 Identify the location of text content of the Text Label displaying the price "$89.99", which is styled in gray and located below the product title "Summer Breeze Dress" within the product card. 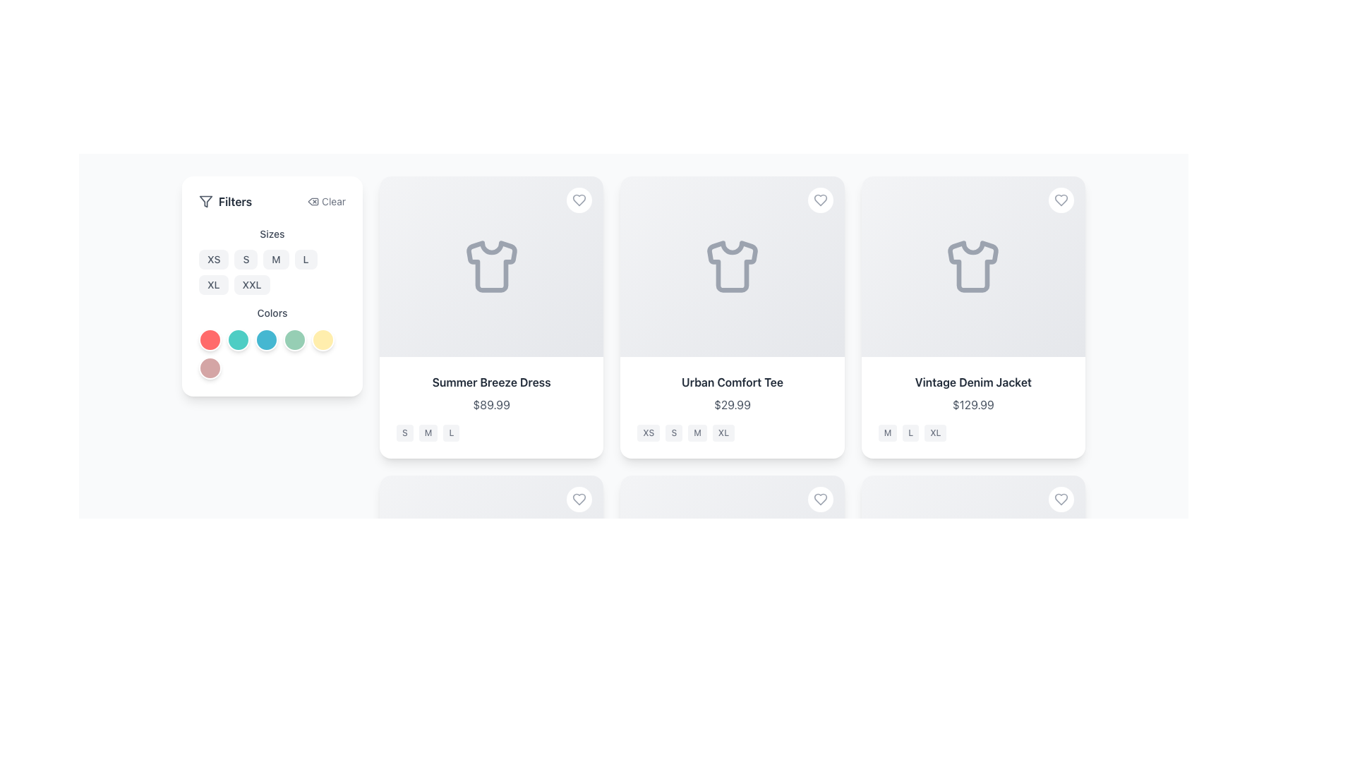
(491, 405).